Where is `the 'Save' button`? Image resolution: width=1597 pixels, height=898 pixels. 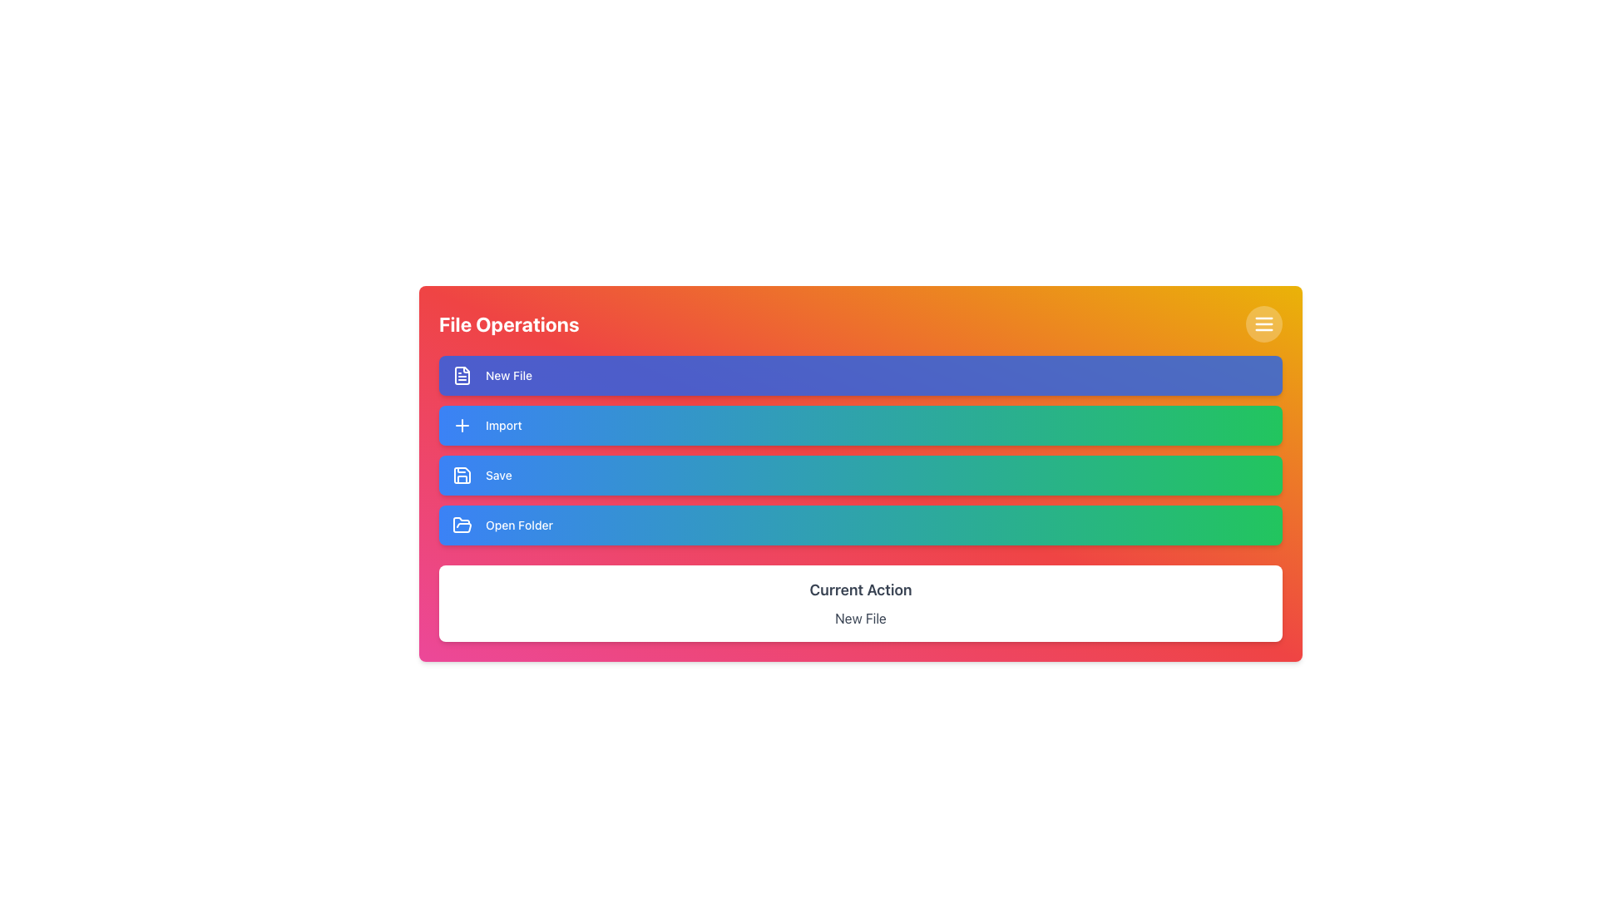
the 'Save' button is located at coordinates (861, 475).